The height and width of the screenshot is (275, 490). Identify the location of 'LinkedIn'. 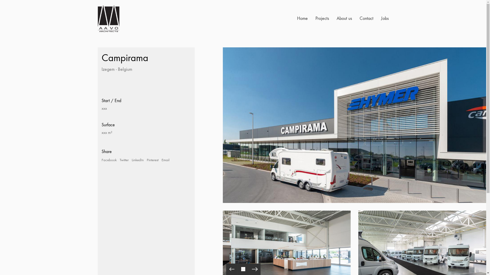
(138, 160).